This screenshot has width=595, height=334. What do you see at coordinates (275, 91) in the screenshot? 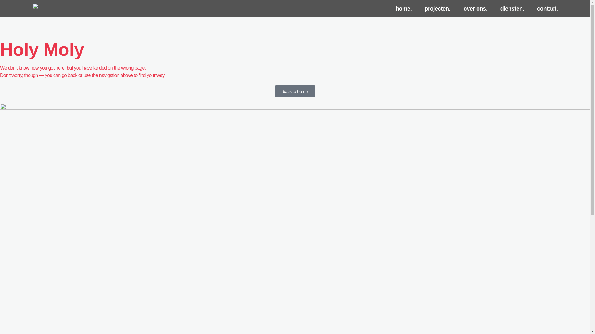
I see `'back to home'` at bounding box center [275, 91].